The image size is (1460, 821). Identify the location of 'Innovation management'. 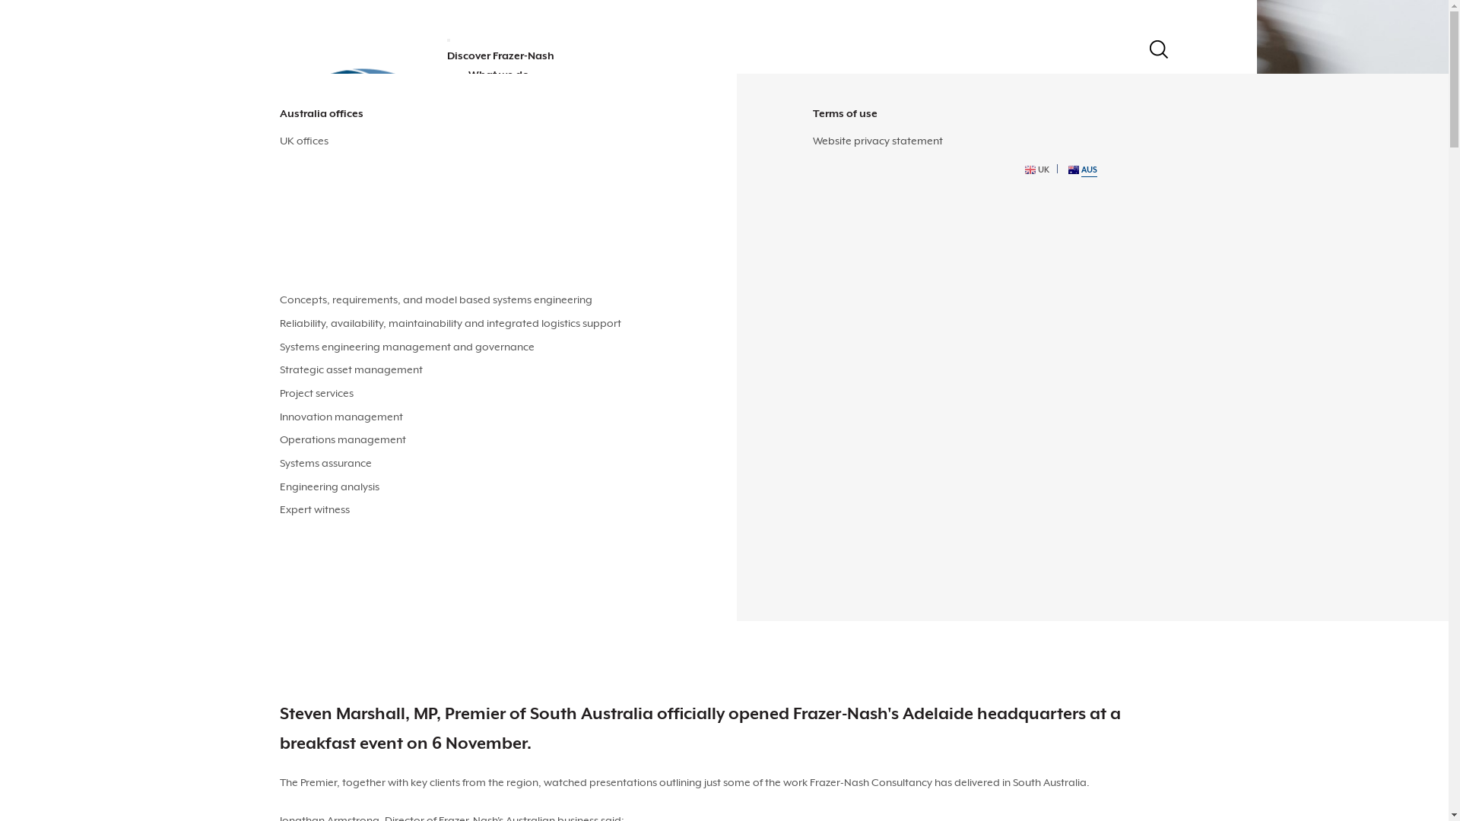
(341, 416).